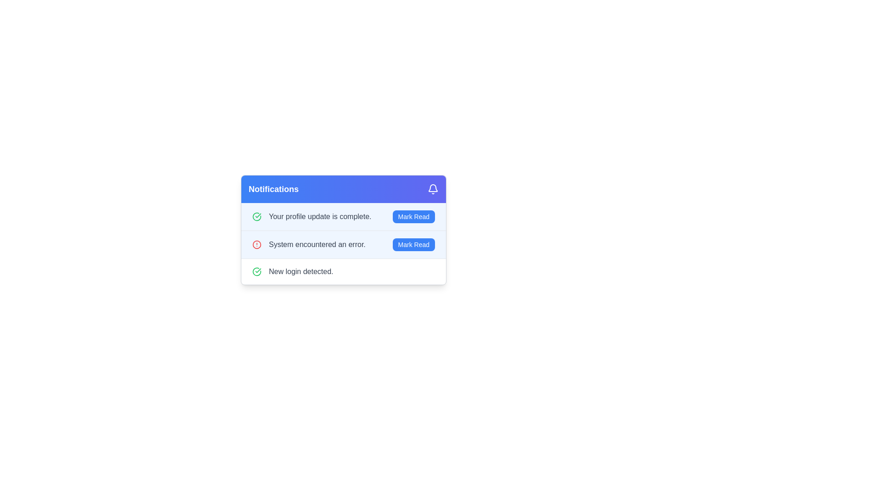 Image resolution: width=881 pixels, height=495 pixels. What do you see at coordinates (273, 188) in the screenshot?
I see `text label displaying 'Notifications' in a large, bold font located in the header section of the notification panel` at bounding box center [273, 188].